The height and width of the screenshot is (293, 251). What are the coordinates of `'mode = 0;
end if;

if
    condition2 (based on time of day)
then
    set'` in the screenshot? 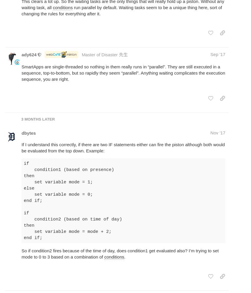 It's located at (73, 213).